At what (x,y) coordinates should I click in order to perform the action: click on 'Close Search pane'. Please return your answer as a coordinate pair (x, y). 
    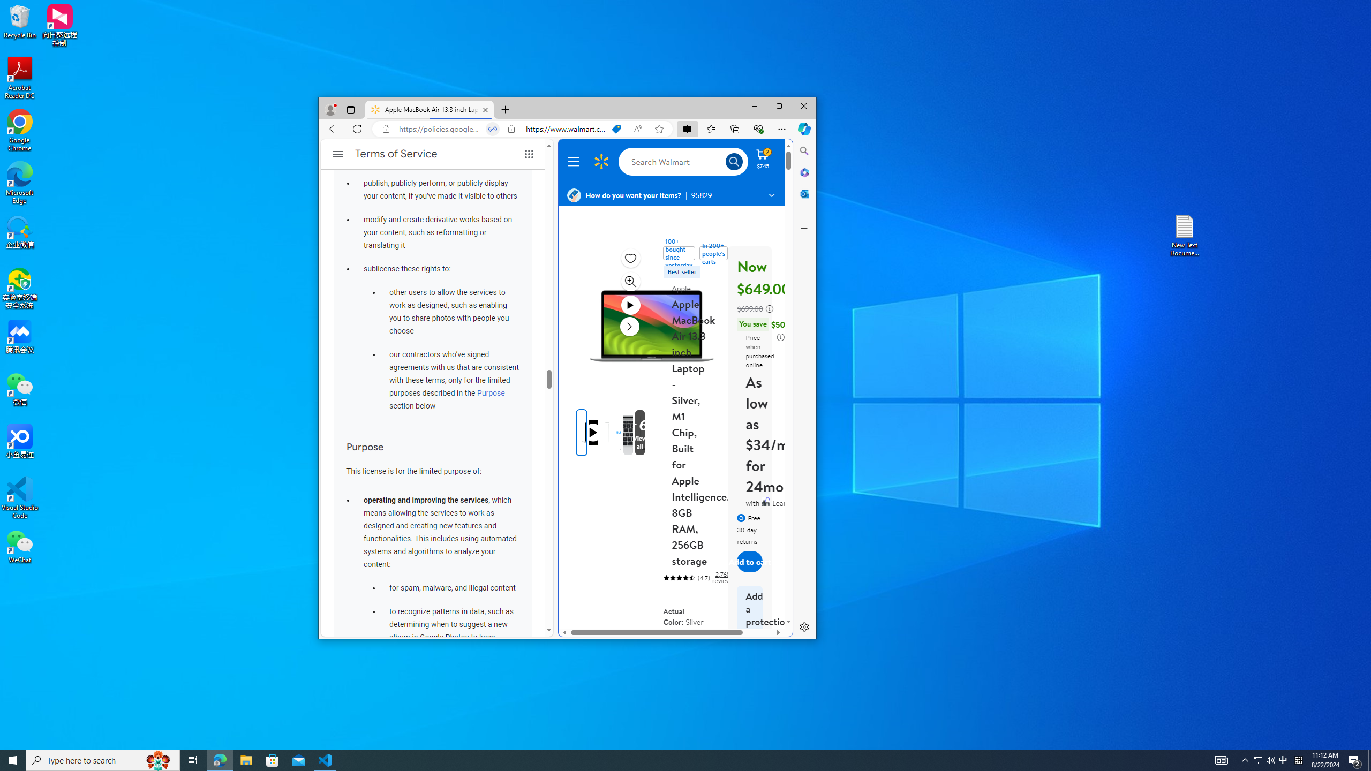
    Looking at the image, I should click on (804, 150).